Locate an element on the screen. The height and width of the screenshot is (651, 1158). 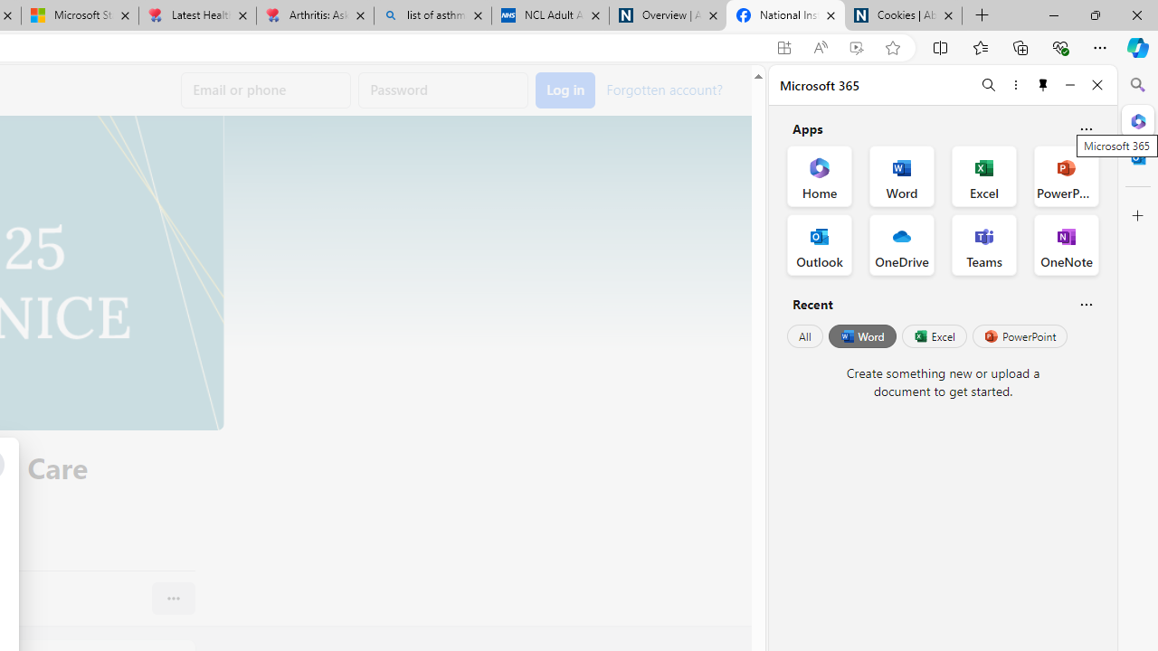
'All' is located at coordinates (804, 336).